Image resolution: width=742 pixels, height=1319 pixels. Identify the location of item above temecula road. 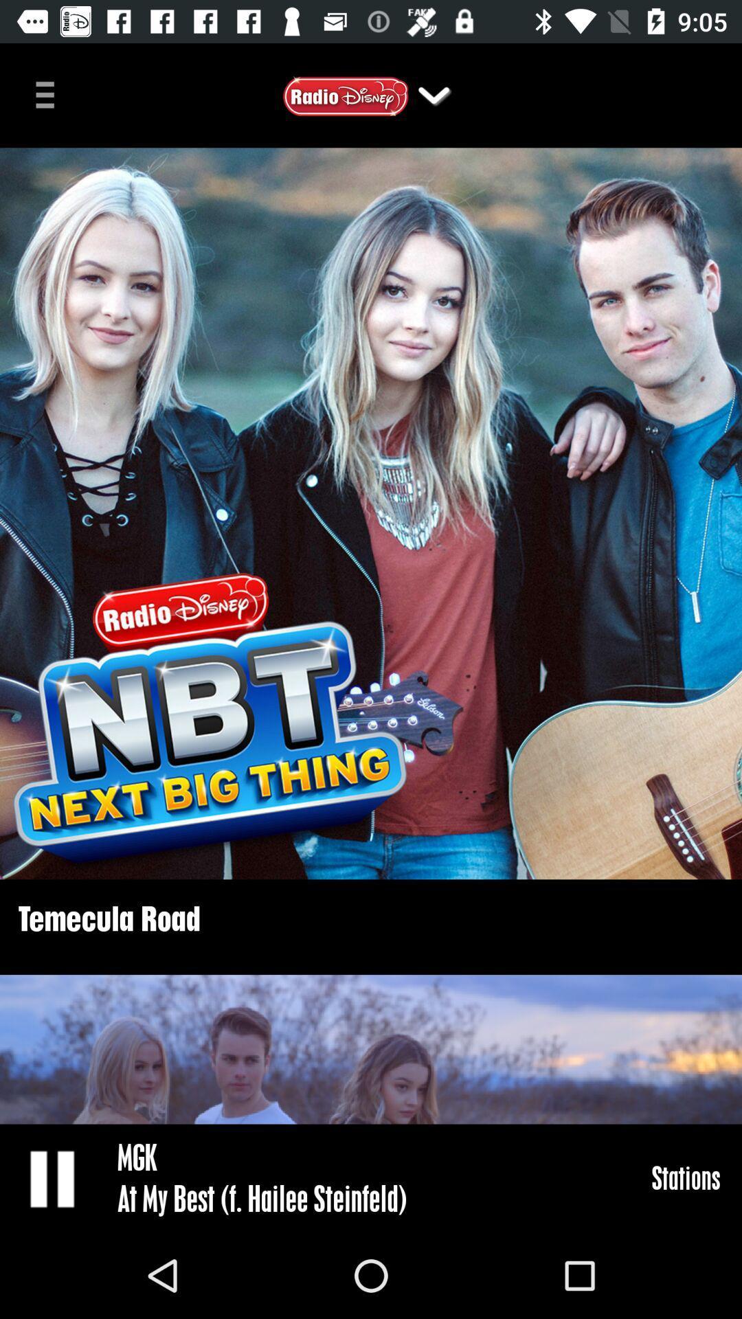
(371, 512).